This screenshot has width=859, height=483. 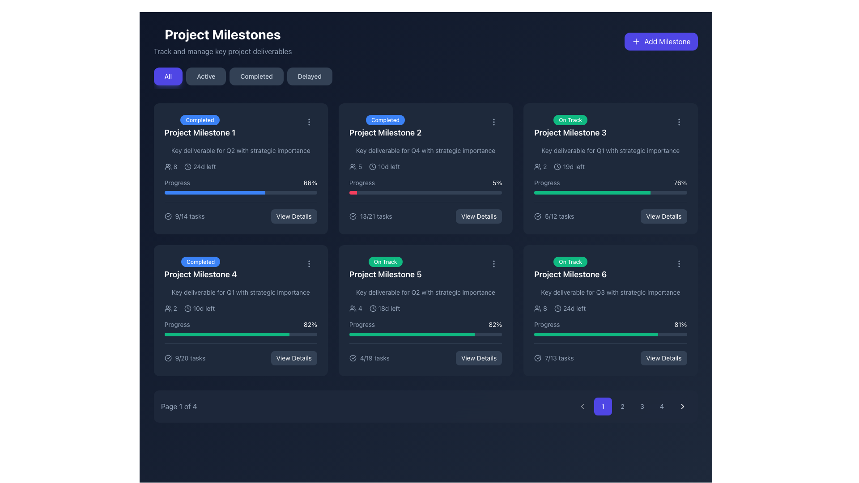 What do you see at coordinates (373, 167) in the screenshot?
I see `the decorative time indicator icon located in the card labeled 'Project Milestone 2', which is aligned horizontally with the text '10d left'` at bounding box center [373, 167].